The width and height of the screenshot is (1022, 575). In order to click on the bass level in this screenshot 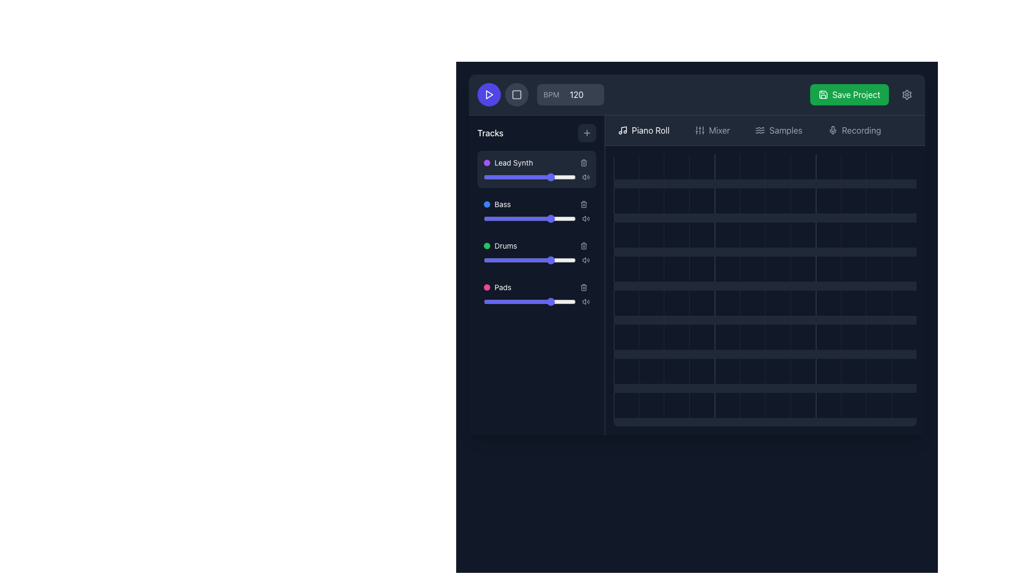, I will do `click(496, 218)`.